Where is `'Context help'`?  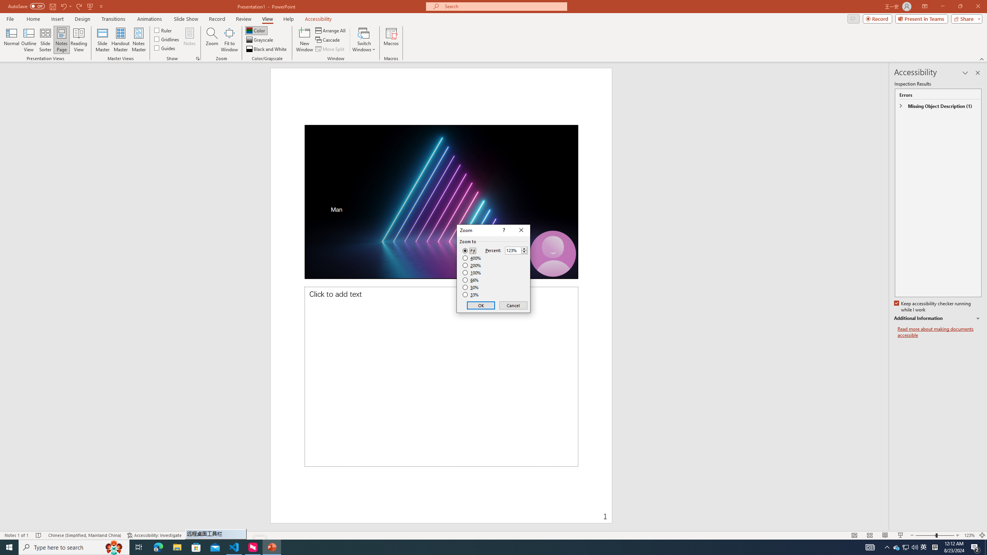
'Context help' is located at coordinates (503, 230).